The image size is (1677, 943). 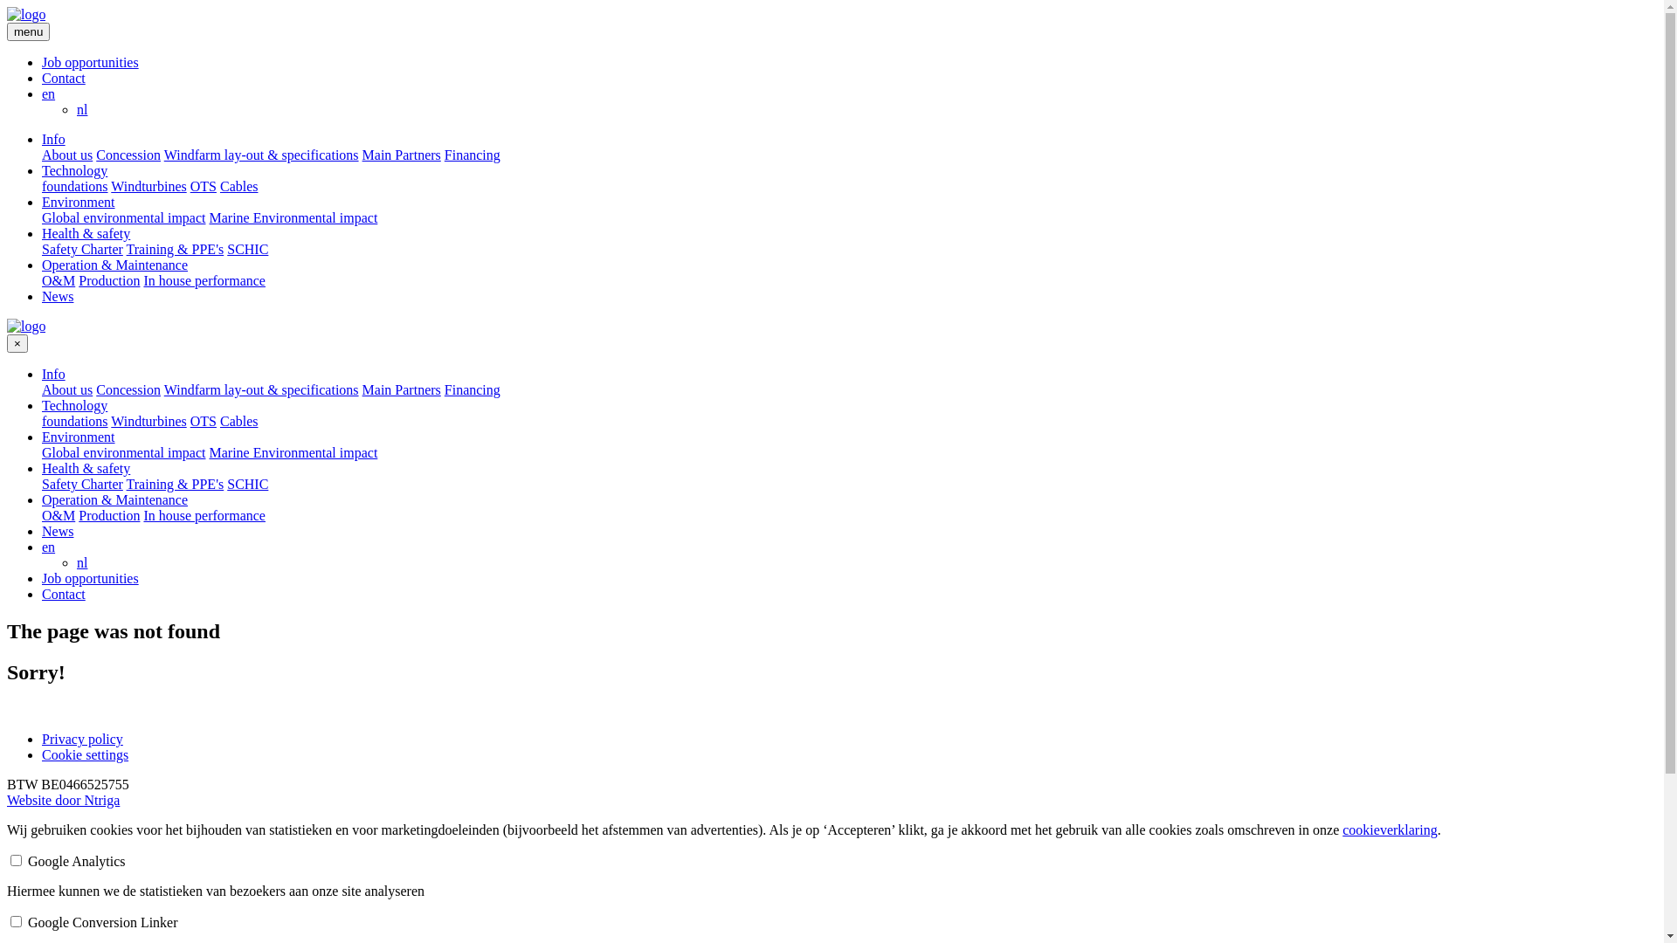 I want to click on 'About us', so click(x=66, y=389).